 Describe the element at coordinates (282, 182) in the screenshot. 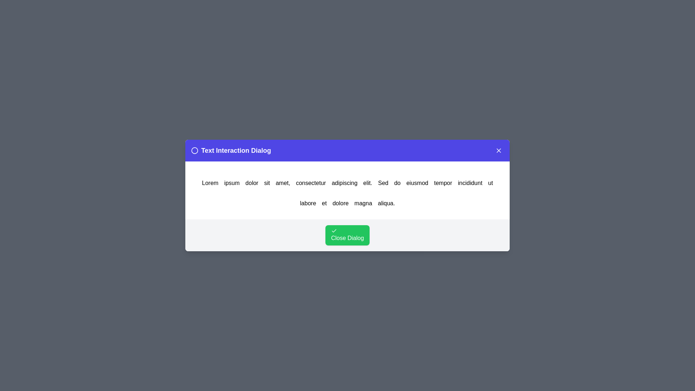

I see `the word amet, in the text to trigger an alert displaying the clicked word` at that location.